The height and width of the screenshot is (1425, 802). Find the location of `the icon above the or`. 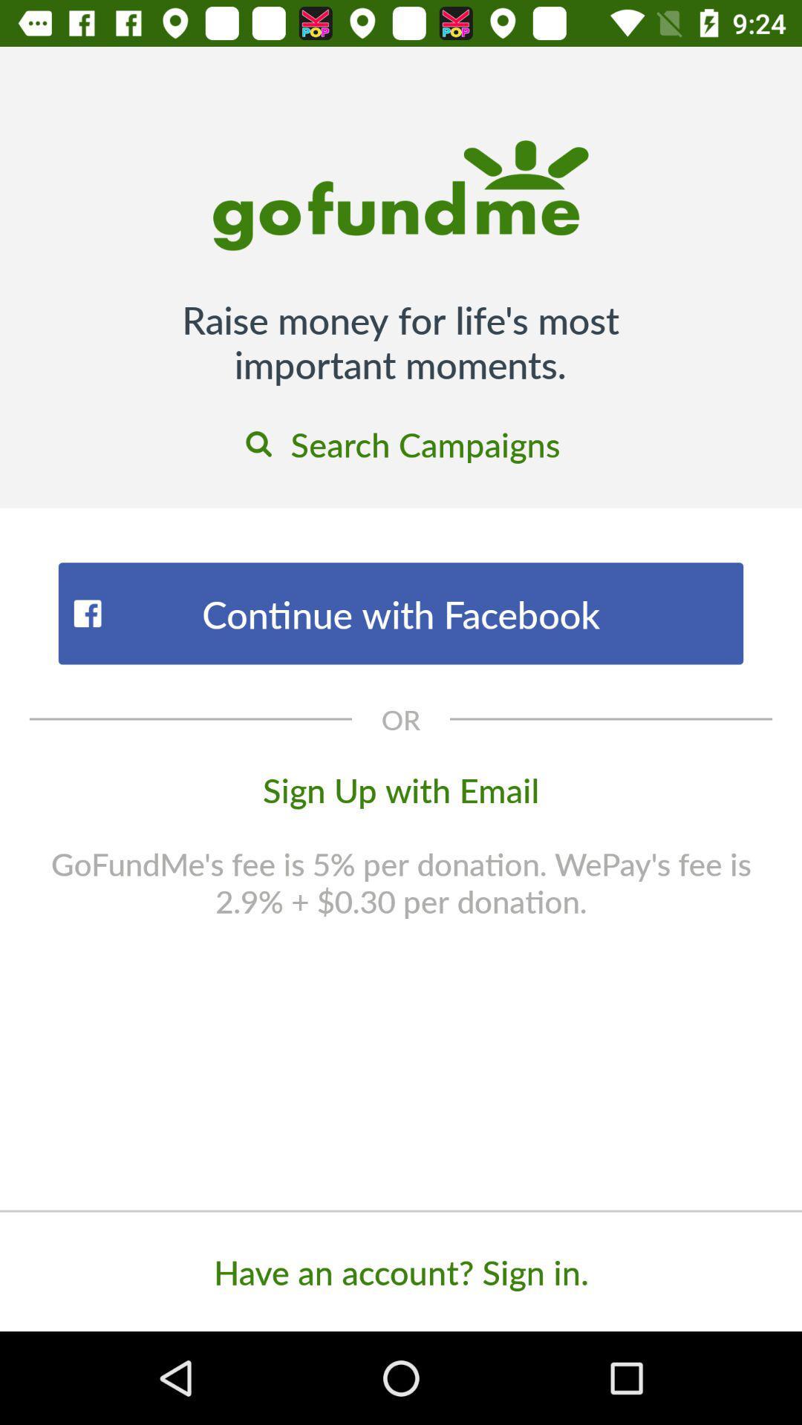

the icon above the or is located at coordinates (401, 613).